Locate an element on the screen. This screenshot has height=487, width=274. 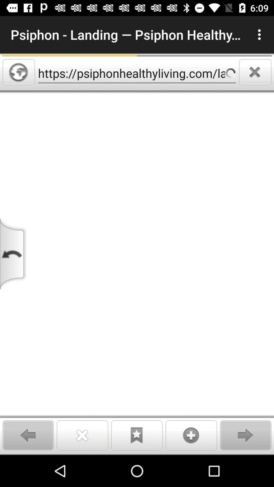
the close icon is located at coordinates (255, 72).